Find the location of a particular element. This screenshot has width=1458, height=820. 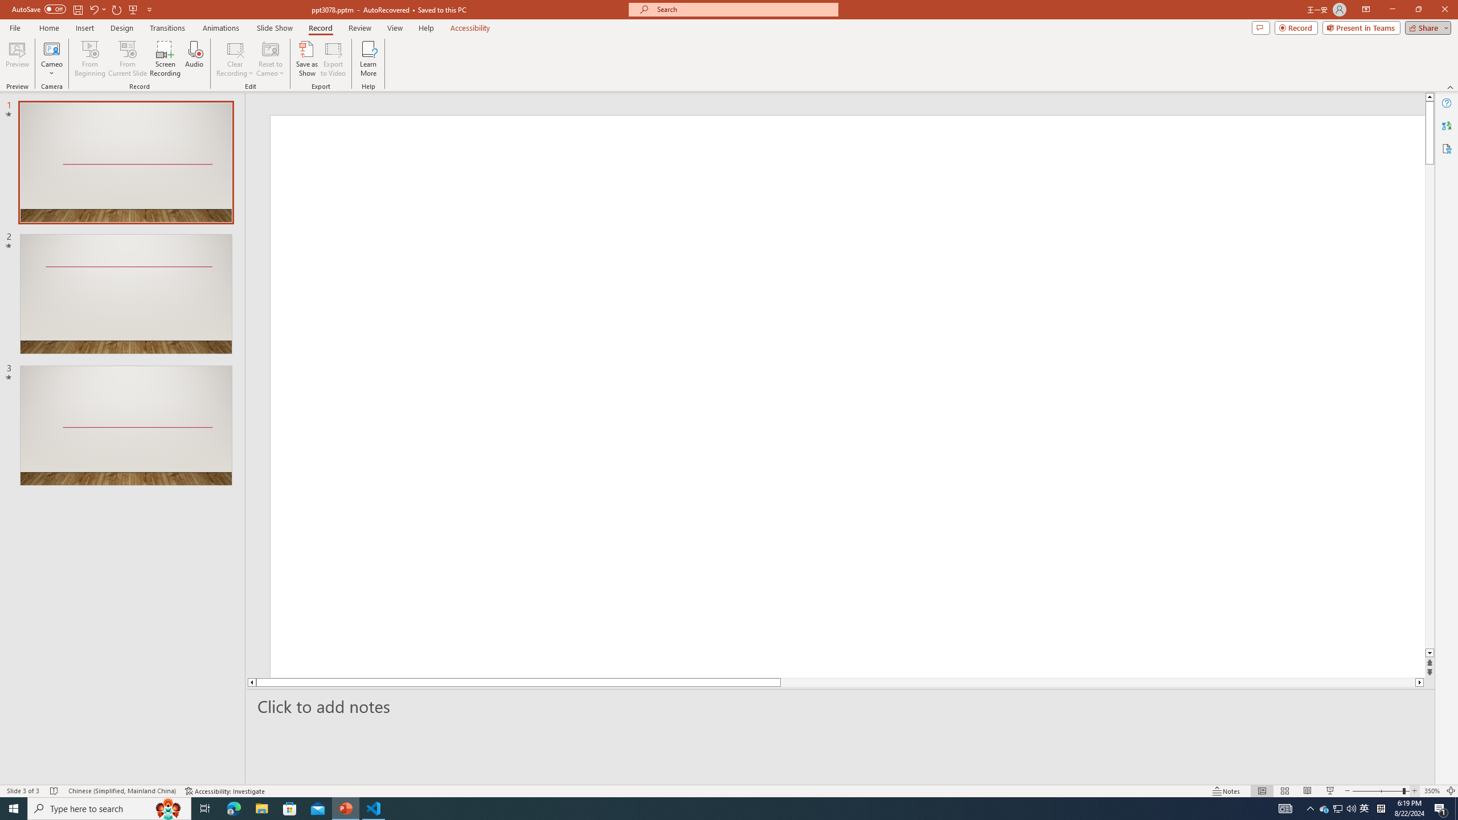

'Clear Recording' is located at coordinates (235, 59).